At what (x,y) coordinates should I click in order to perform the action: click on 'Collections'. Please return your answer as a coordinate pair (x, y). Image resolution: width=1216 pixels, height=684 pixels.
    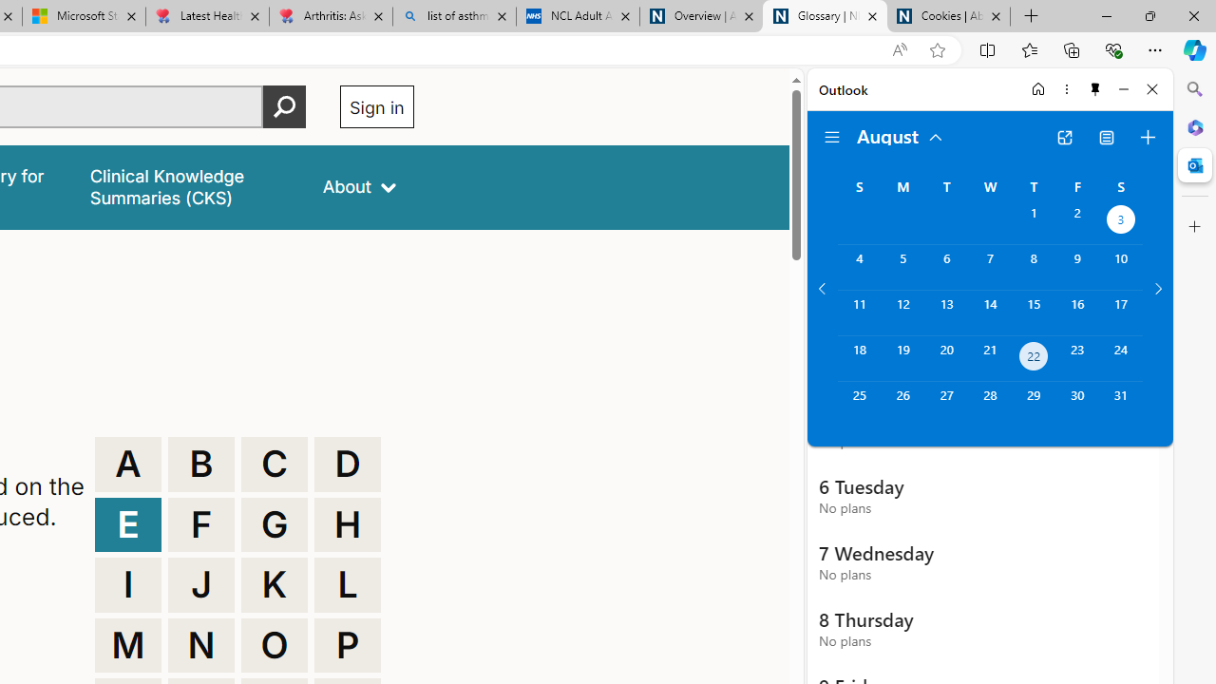
    Looking at the image, I should click on (1072, 48).